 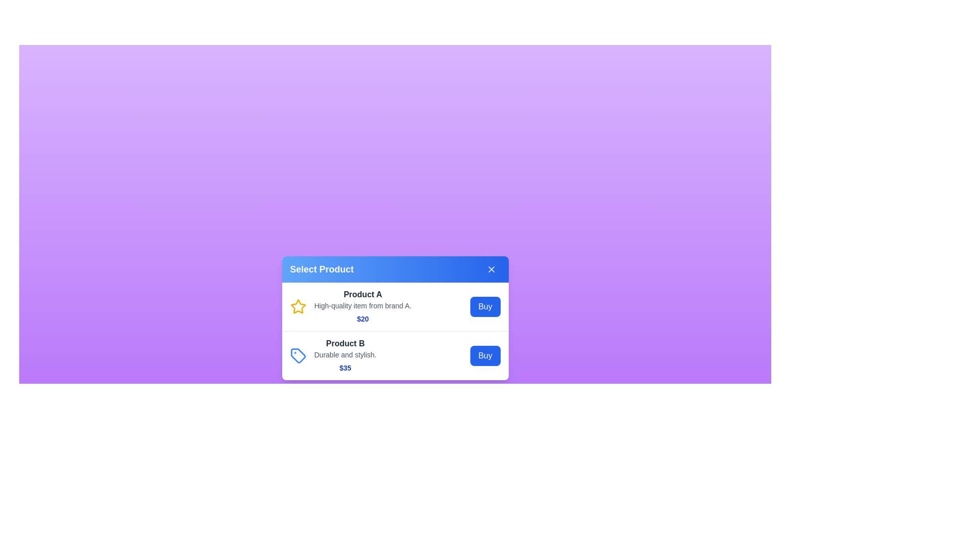 I want to click on Buy button for Product A, so click(x=484, y=306).